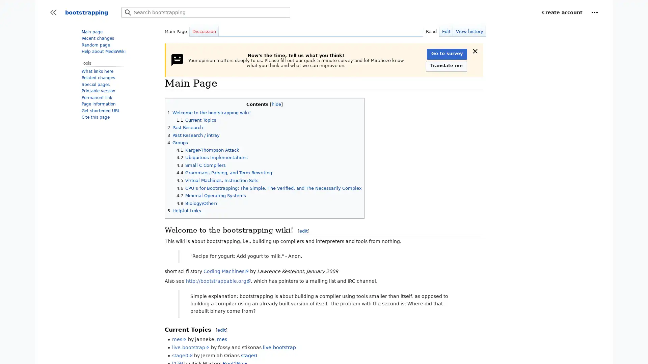 The width and height of the screenshot is (648, 364). I want to click on Toggle sidebar, so click(53, 12).